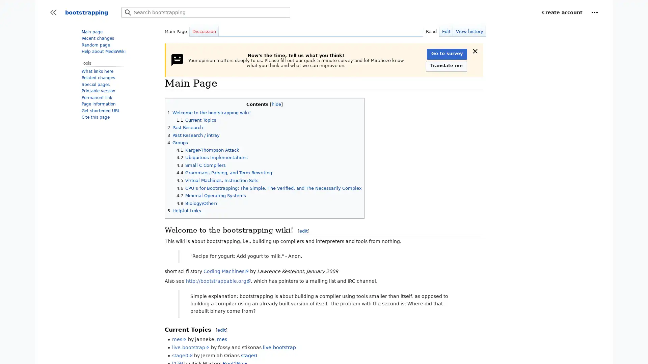 The width and height of the screenshot is (648, 364). I want to click on Toggle sidebar, so click(53, 12).